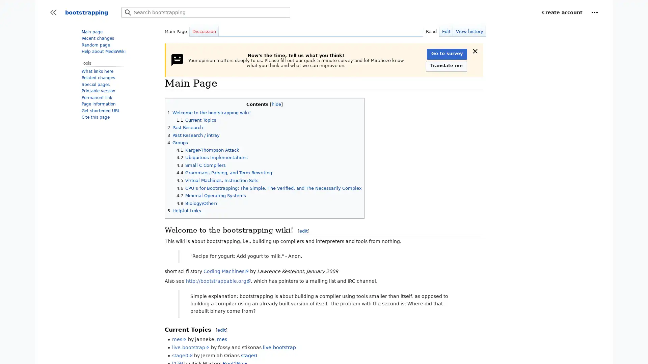 The width and height of the screenshot is (648, 364). I want to click on Toggle sidebar, so click(53, 12).